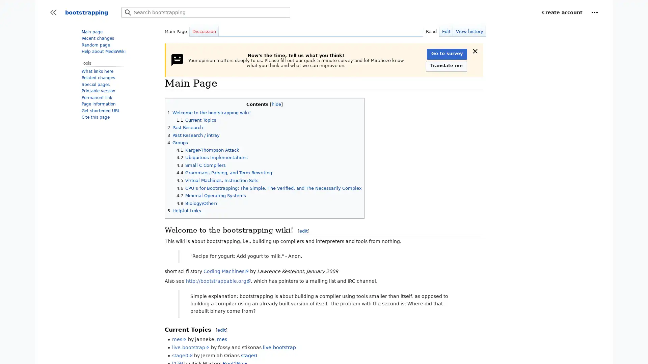 The width and height of the screenshot is (648, 364). I want to click on Toggle sidebar, so click(53, 12).